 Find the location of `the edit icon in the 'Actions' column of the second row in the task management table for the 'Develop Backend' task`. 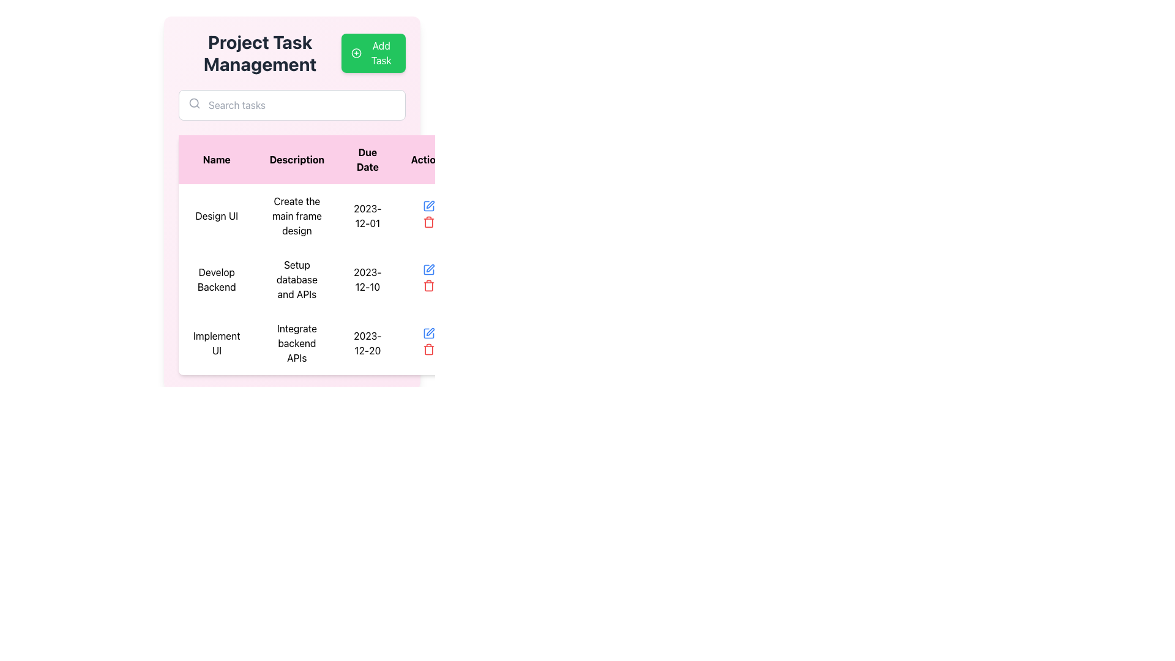

the edit icon in the 'Actions' column of the second row in the task management table for the 'Develop Backend' task is located at coordinates (430, 267).